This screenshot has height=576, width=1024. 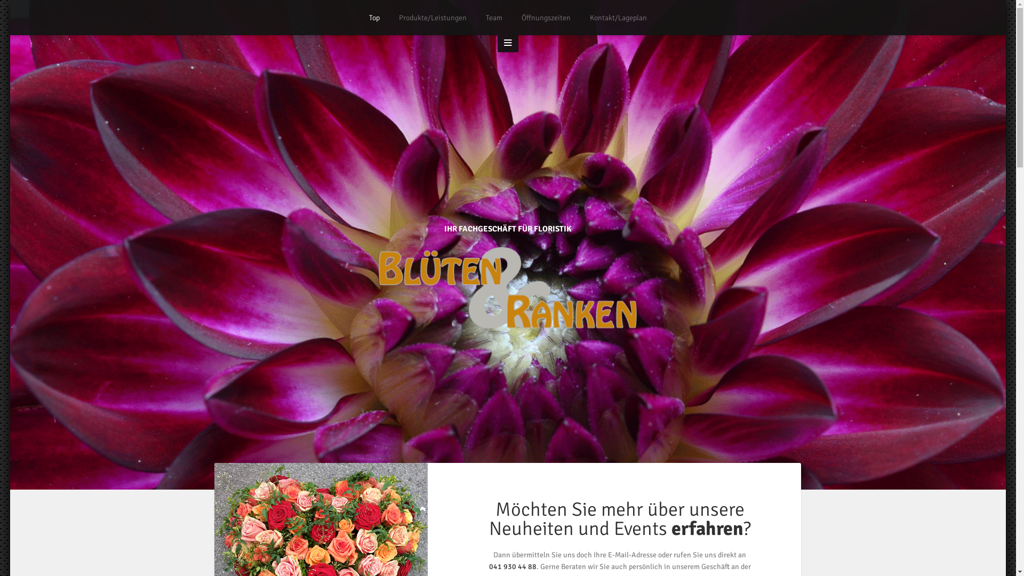 What do you see at coordinates (589, 18) in the screenshot?
I see `'Kontakt/Lageplan'` at bounding box center [589, 18].